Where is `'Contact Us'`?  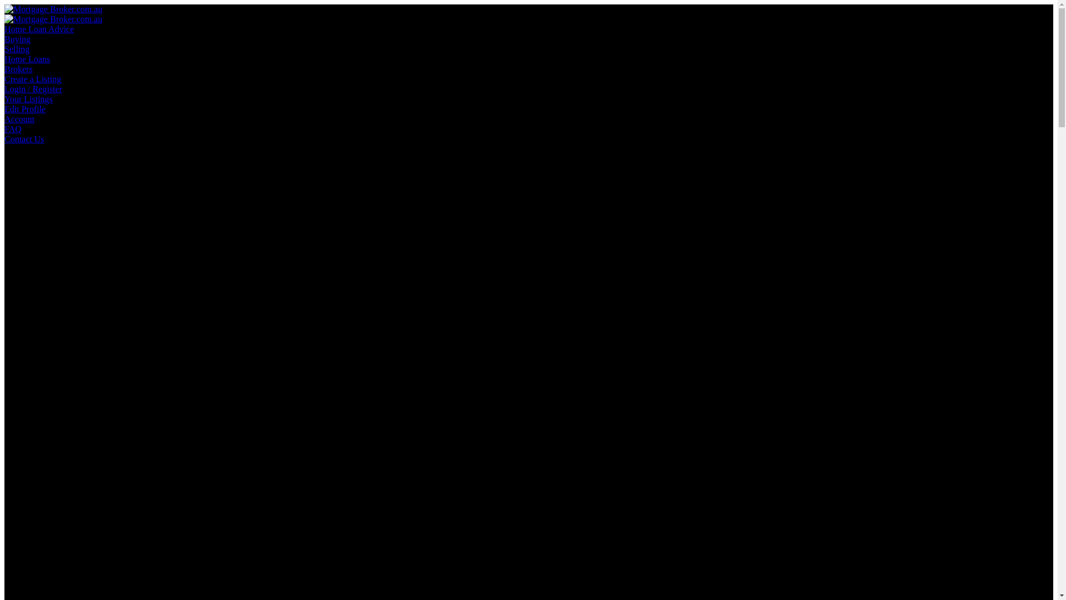
'Contact Us' is located at coordinates (24, 138).